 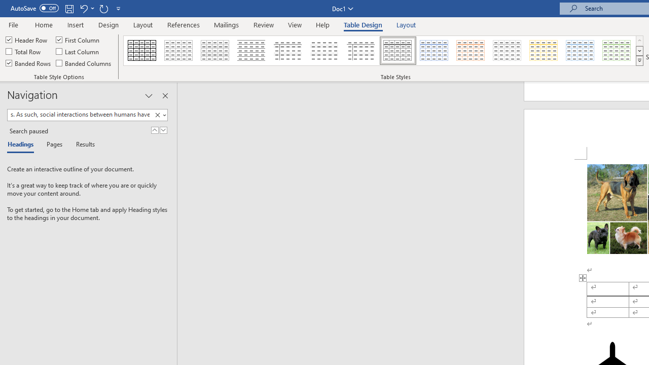 What do you see at coordinates (434, 51) in the screenshot?
I see `'Grid Table 1 Light - Accent 1'` at bounding box center [434, 51].